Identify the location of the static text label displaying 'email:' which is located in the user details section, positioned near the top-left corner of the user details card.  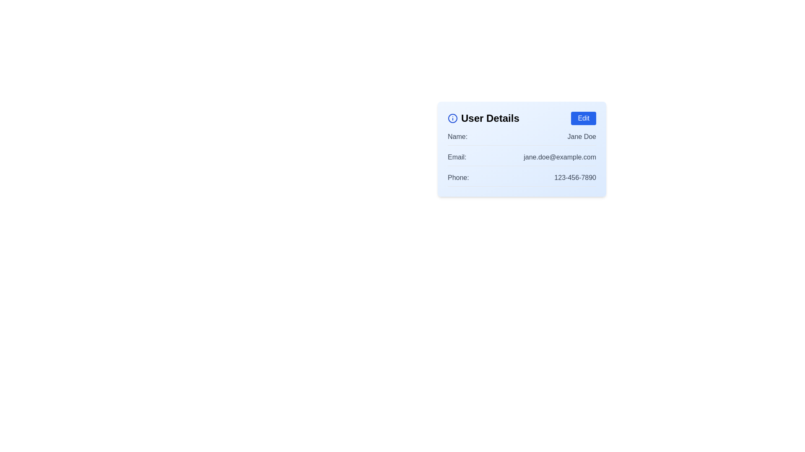
(457, 157).